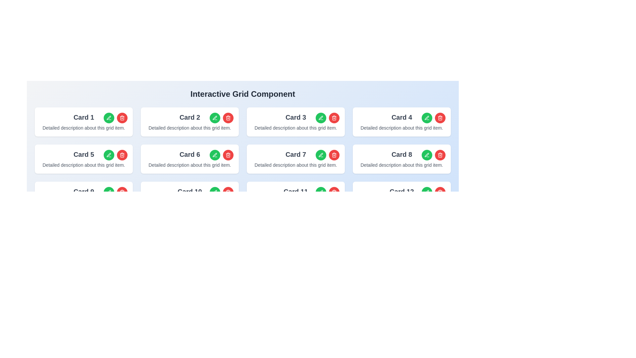  What do you see at coordinates (334, 155) in the screenshot?
I see `the delete icon located in the top-right corner of 'Card 7'` at bounding box center [334, 155].